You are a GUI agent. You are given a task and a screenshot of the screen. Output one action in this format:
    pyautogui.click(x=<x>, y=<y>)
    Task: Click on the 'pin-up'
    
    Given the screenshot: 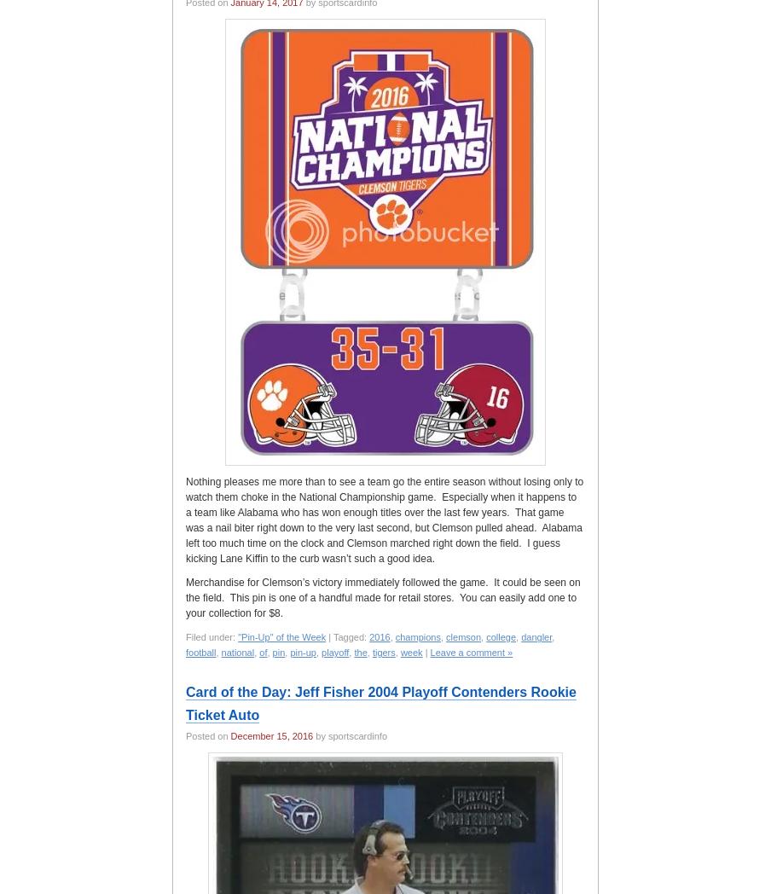 What is the action you would take?
    pyautogui.click(x=302, y=653)
    